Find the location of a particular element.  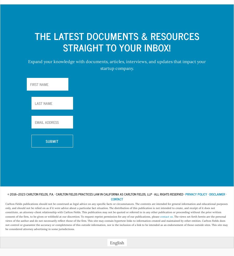

'Carlton Fields publications should not be construed as legal advice on any specific facts or circumstances. The contents are intended for general information and educational purposes only, and should not be relied on as if it were advice about a particular fact situation. The distribution of this publication is not intended to create, and receipt of it does not constitute, an attorney-client relationship with Carlton Fields. This publication may not be quoted or referred to in any other publication or proceeding without the prior written consent of the firm, to be given or withheld at our discretion. To request reprint permission for any of our publications, please' is located at coordinates (116, 210).